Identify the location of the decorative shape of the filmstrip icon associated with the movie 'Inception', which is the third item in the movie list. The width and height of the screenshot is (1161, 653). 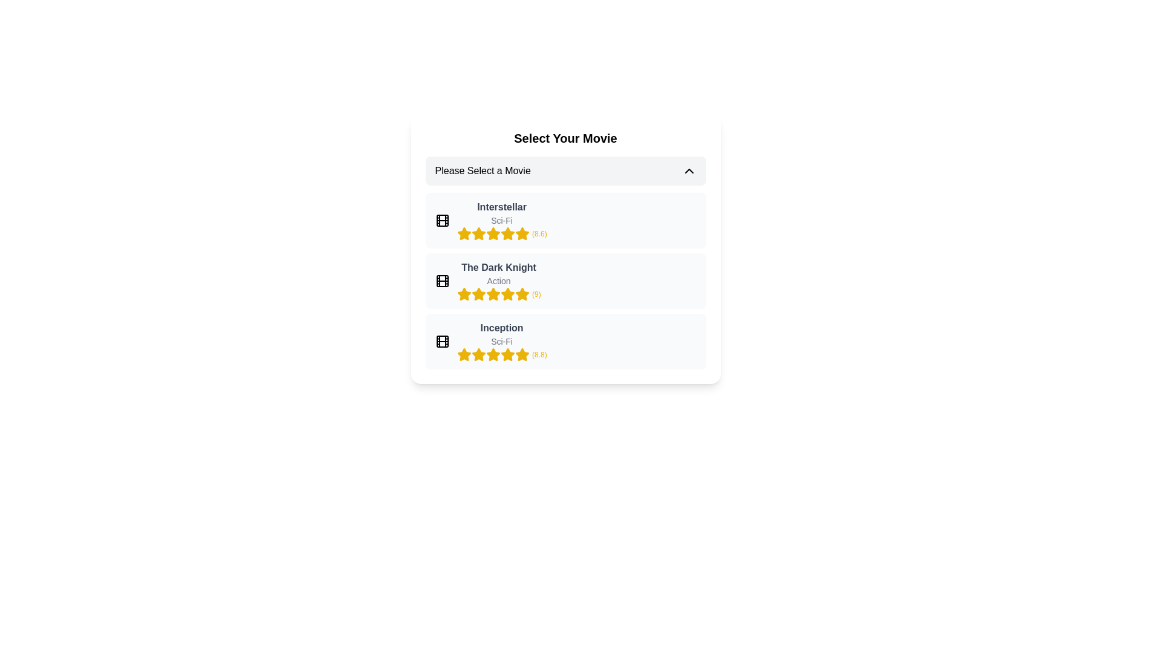
(441, 341).